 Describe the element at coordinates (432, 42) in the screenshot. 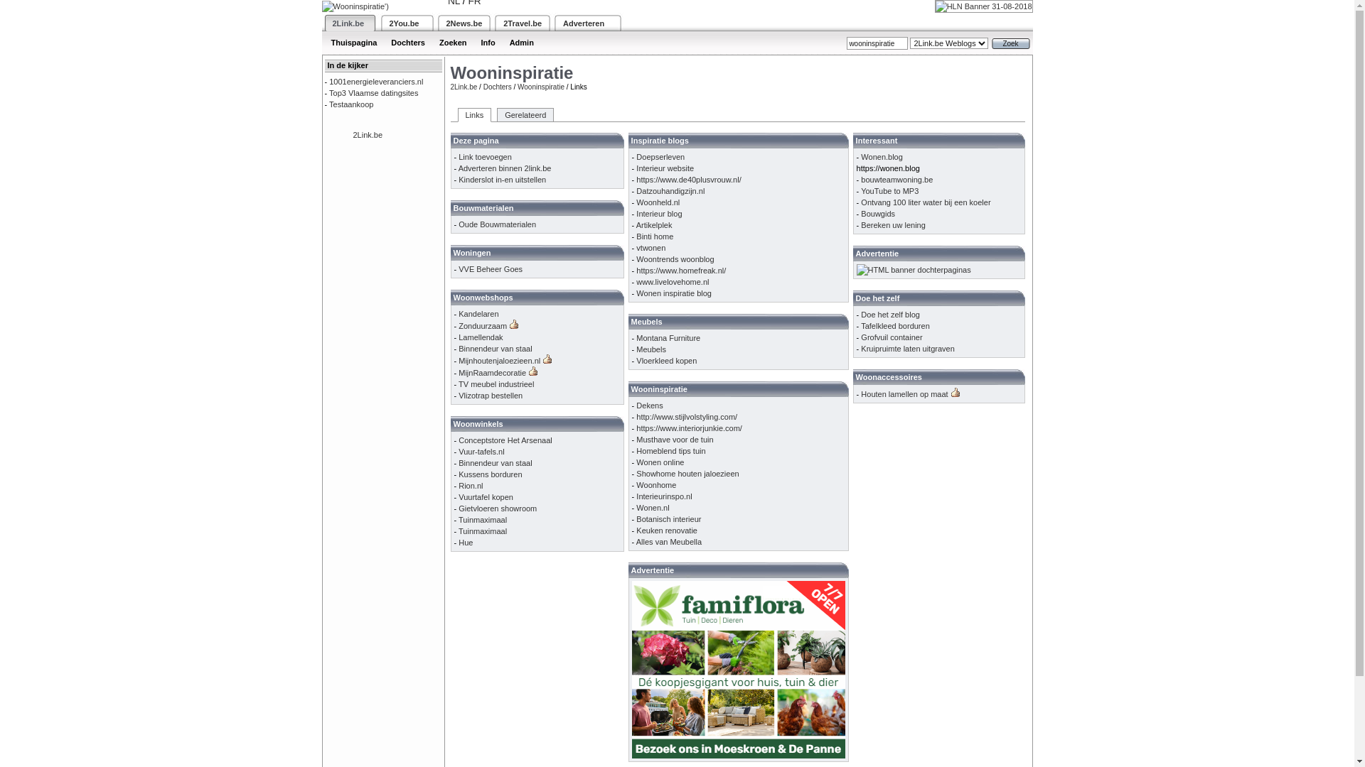

I see `'Zoeken'` at that location.